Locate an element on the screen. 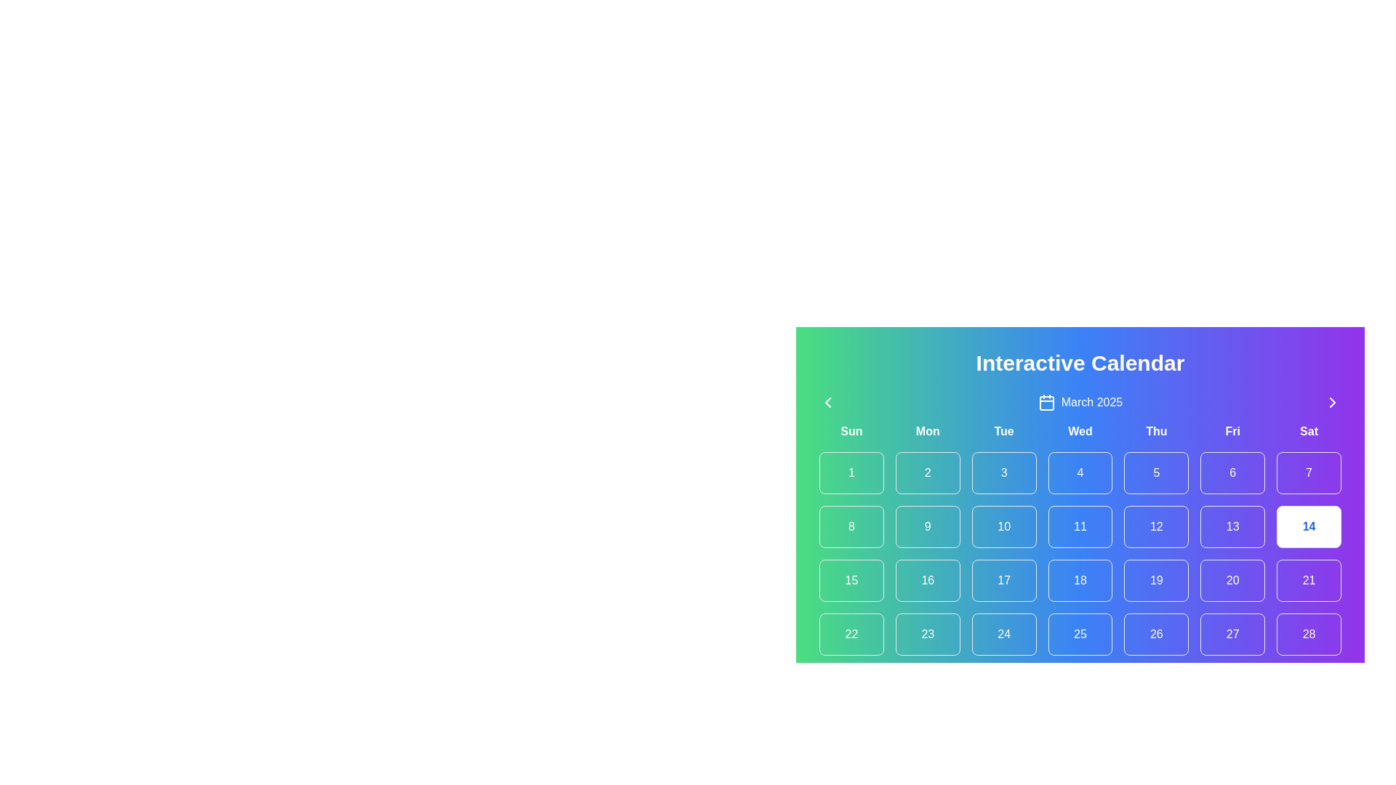 Image resolution: width=1396 pixels, height=785 pixels. the date selection button displaying '17' in the calendar interface is located at coordinates (1003, 579).